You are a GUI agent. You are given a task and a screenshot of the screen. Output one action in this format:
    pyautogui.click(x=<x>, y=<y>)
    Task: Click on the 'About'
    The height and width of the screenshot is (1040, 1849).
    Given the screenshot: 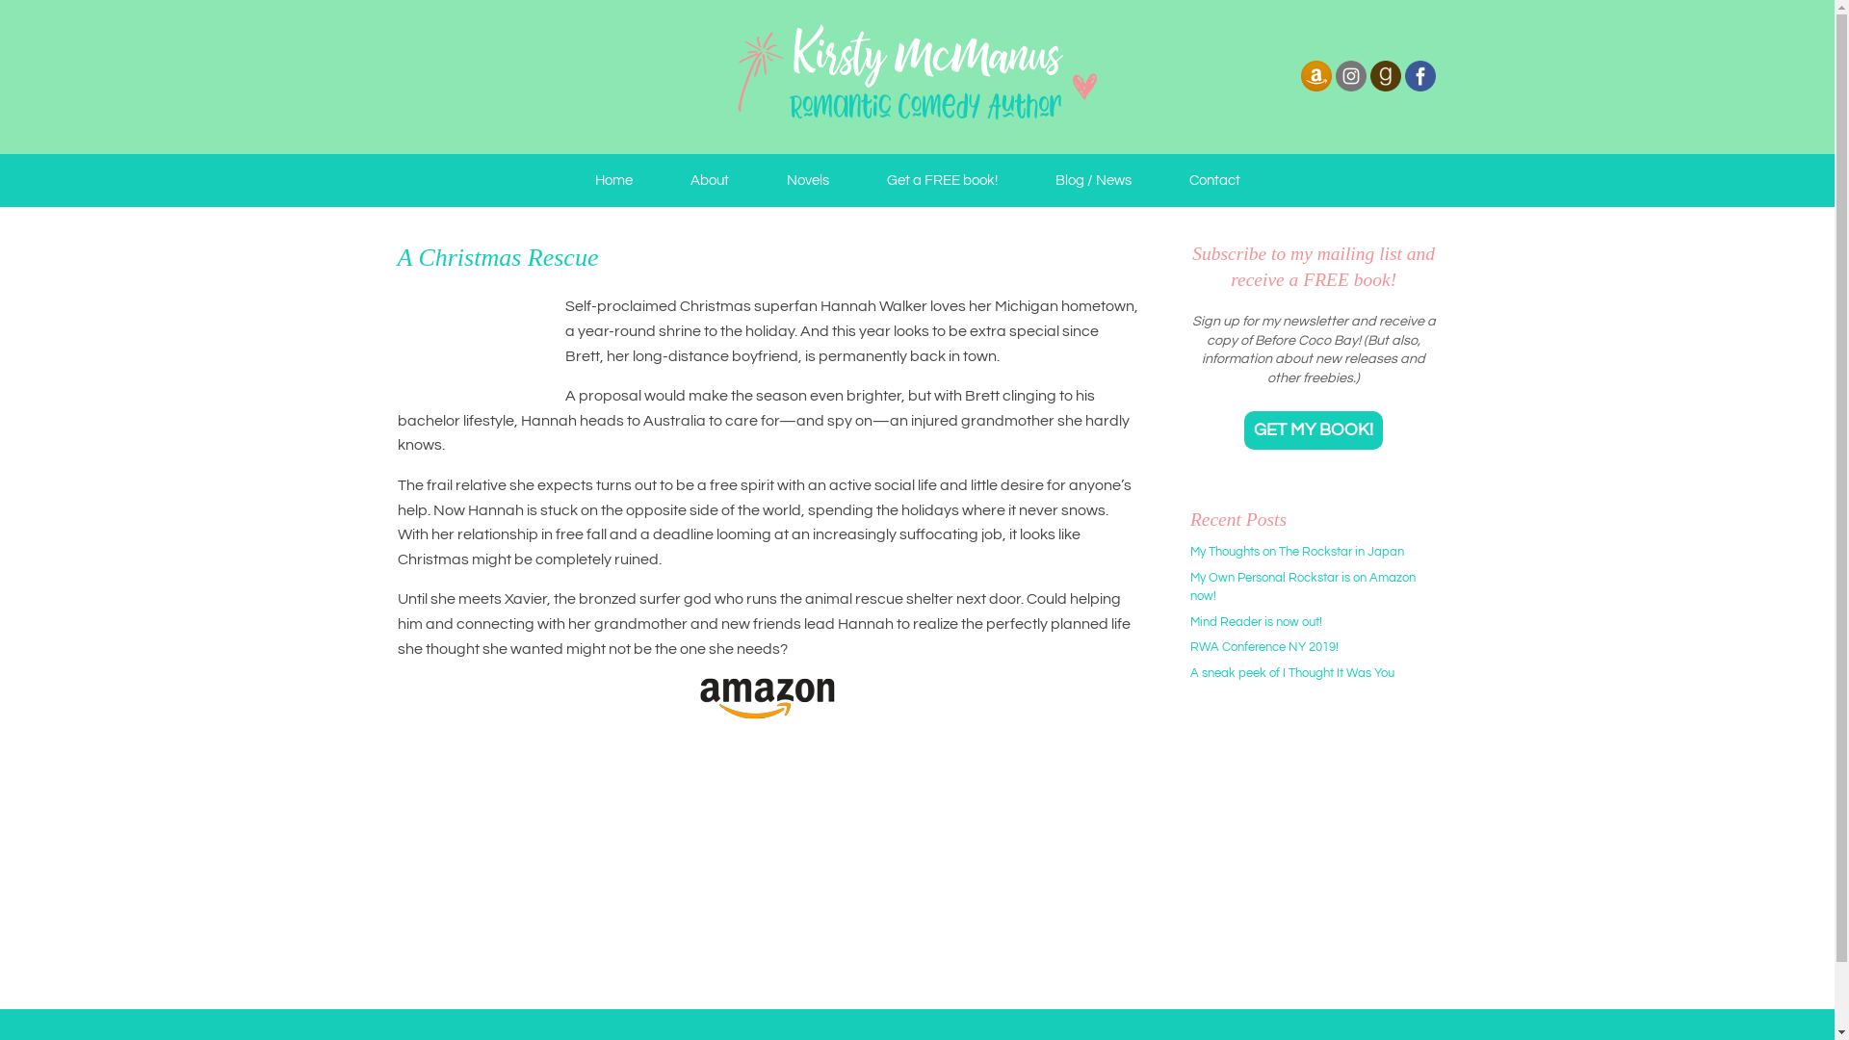 What is the action you would take?
    pyautogui.click(x=707, y=180)
    